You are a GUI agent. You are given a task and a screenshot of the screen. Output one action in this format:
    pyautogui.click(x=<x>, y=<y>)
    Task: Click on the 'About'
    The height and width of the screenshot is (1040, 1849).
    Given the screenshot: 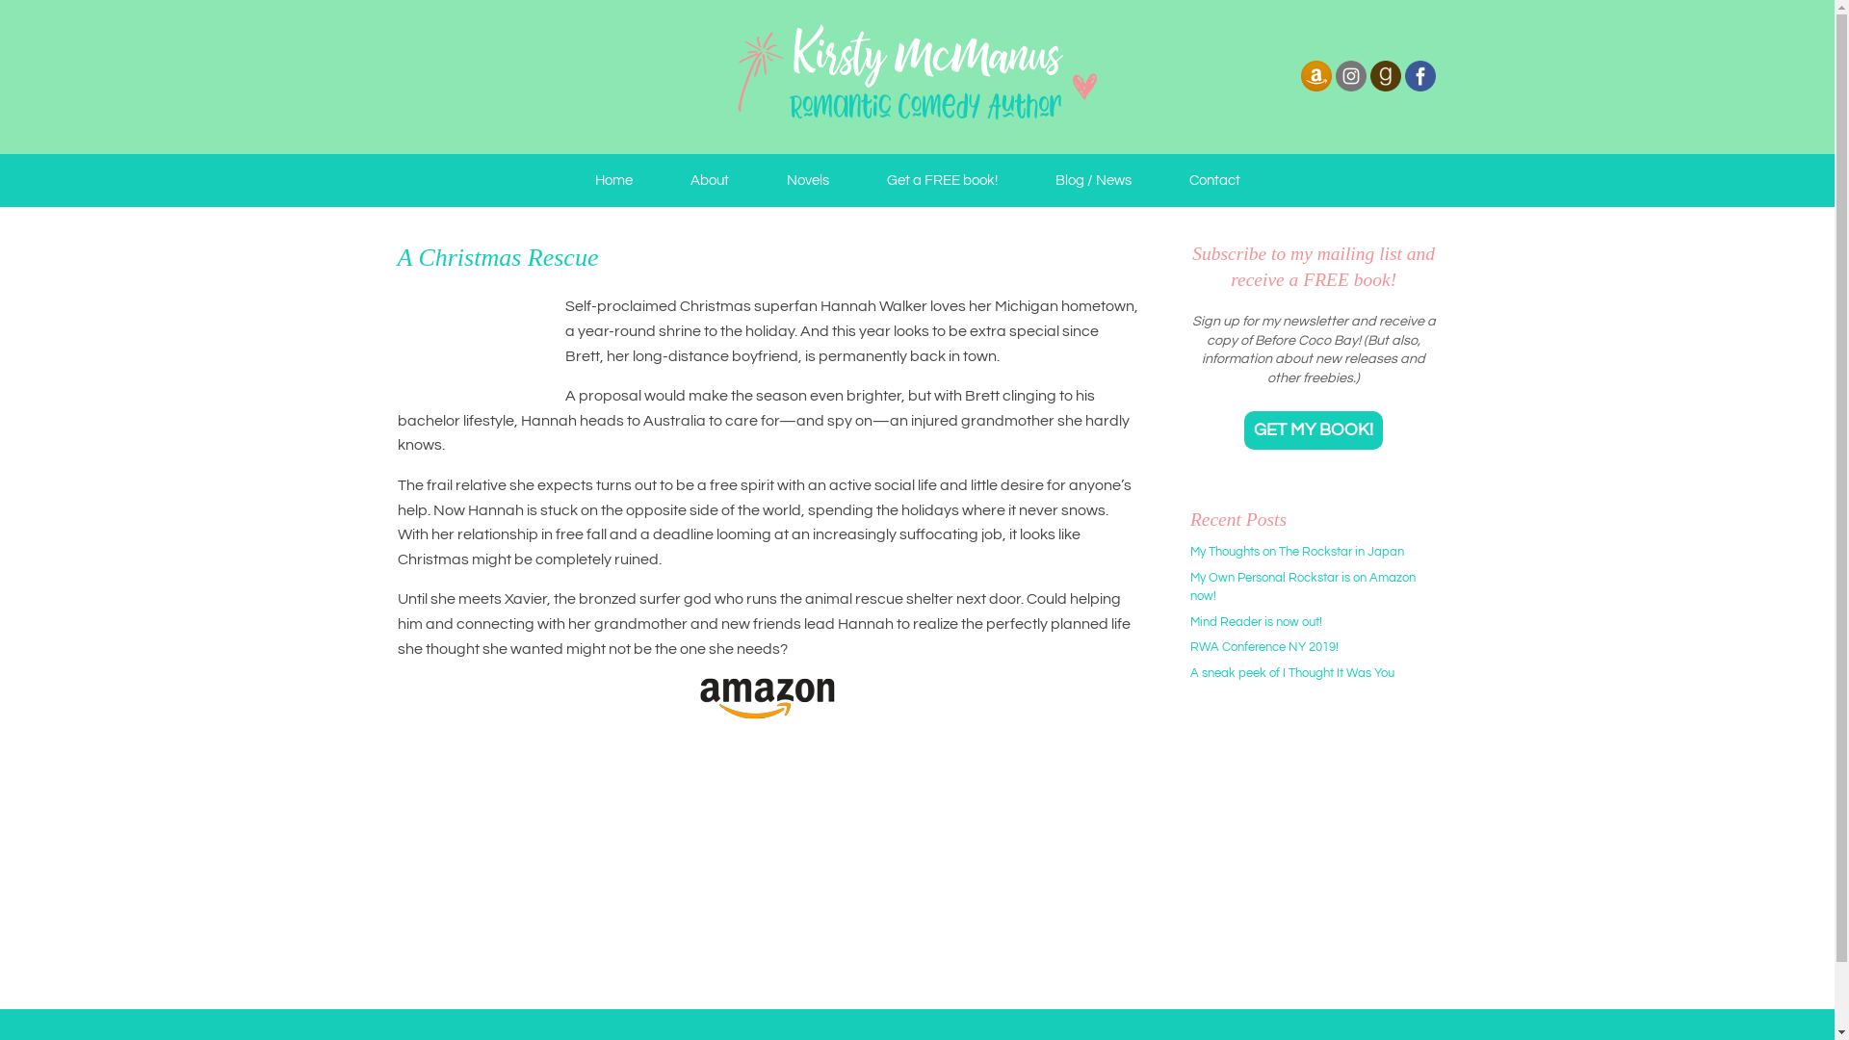 What is the action you would take?
    pyautogui.click(x=707, y=180)
    